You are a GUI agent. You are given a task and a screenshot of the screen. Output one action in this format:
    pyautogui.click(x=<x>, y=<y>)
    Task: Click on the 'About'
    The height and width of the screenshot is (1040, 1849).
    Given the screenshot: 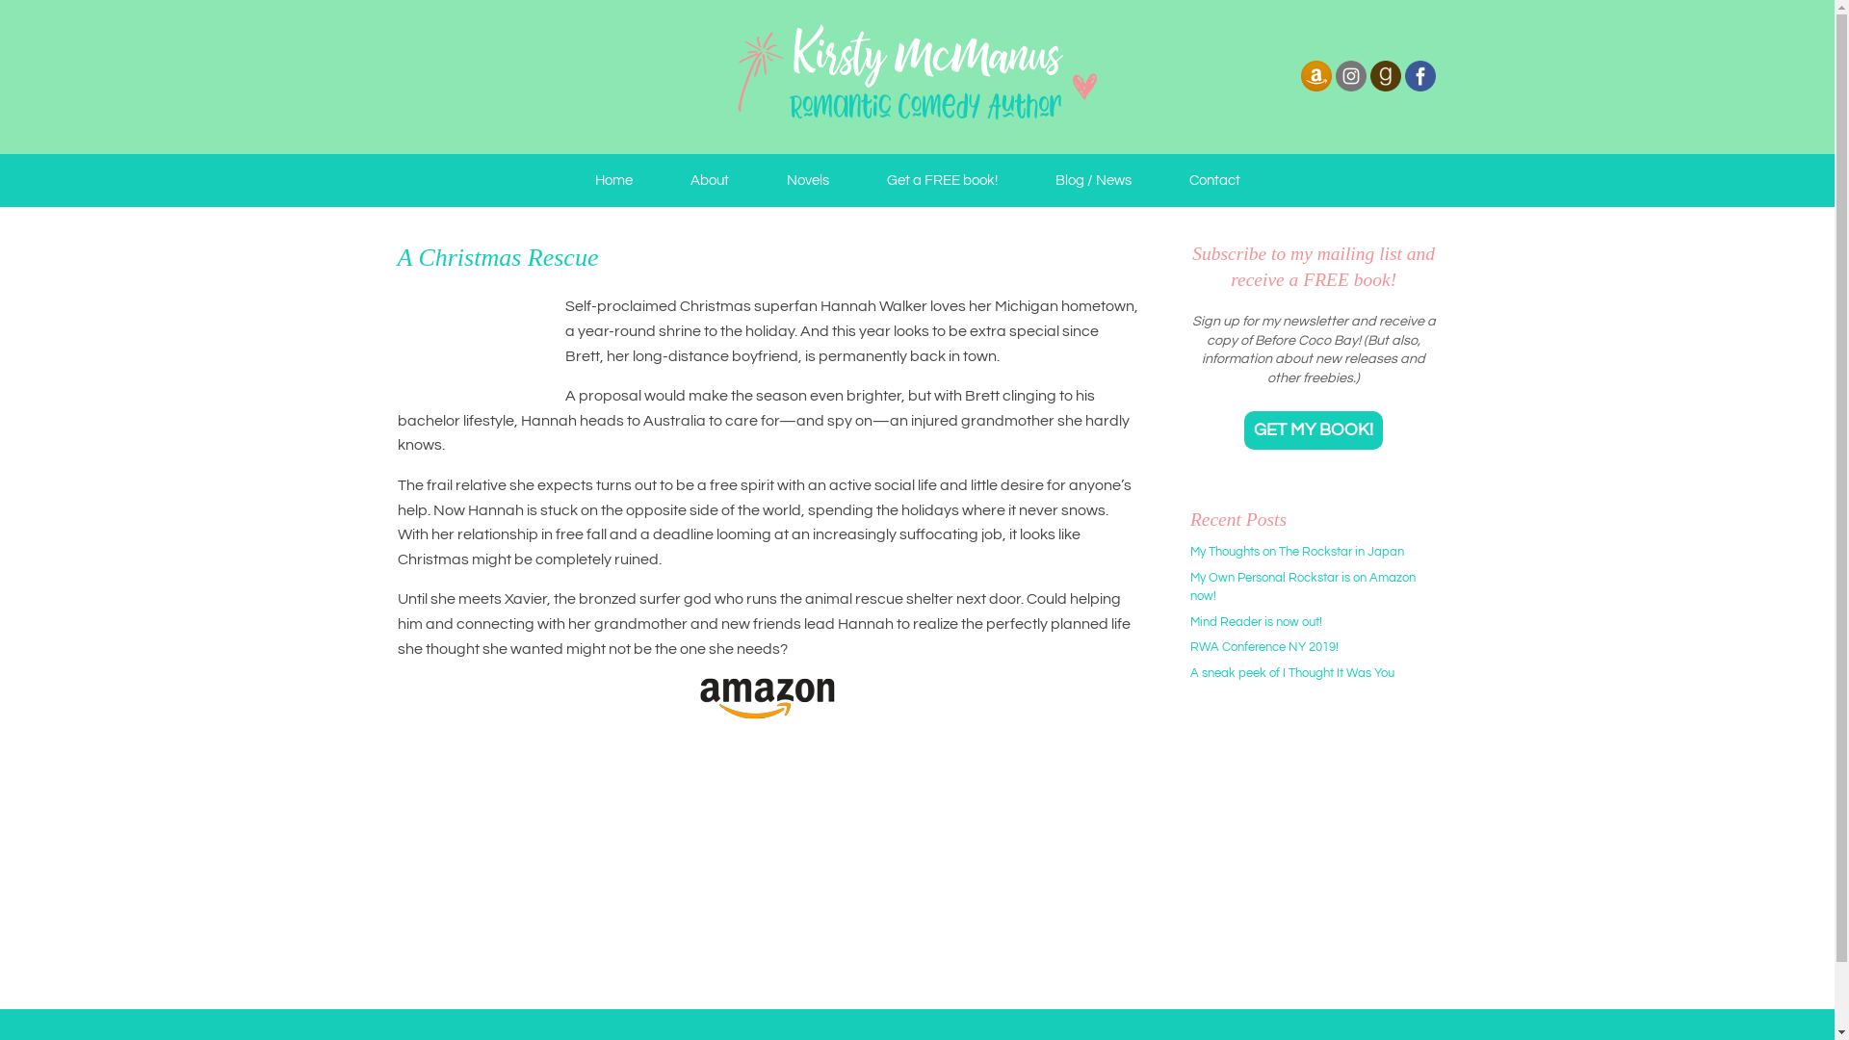 What is the action you would take?
    pyautogui.click(x=707, y=180)
    